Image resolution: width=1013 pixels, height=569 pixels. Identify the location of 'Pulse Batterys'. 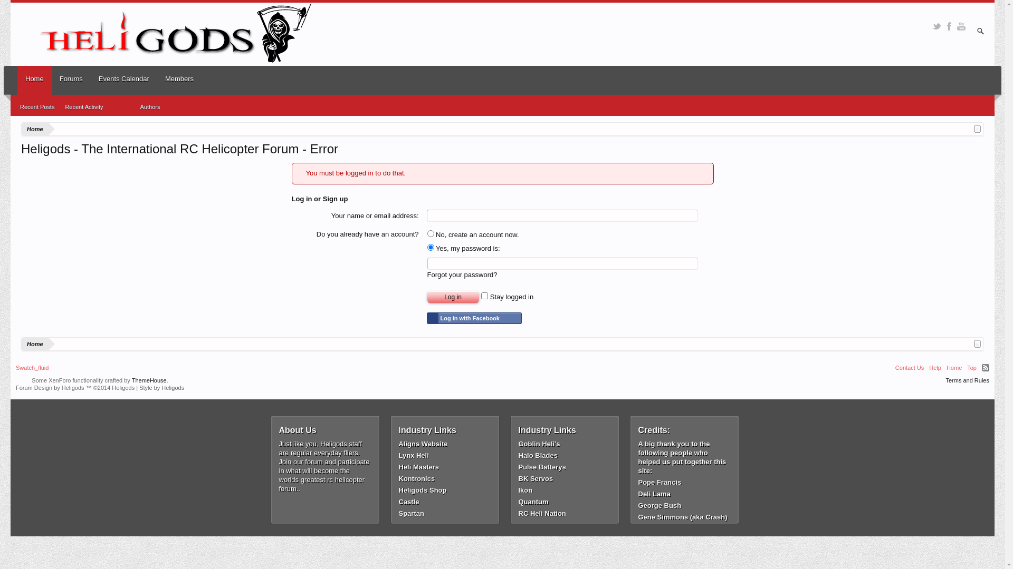
(518, 466).